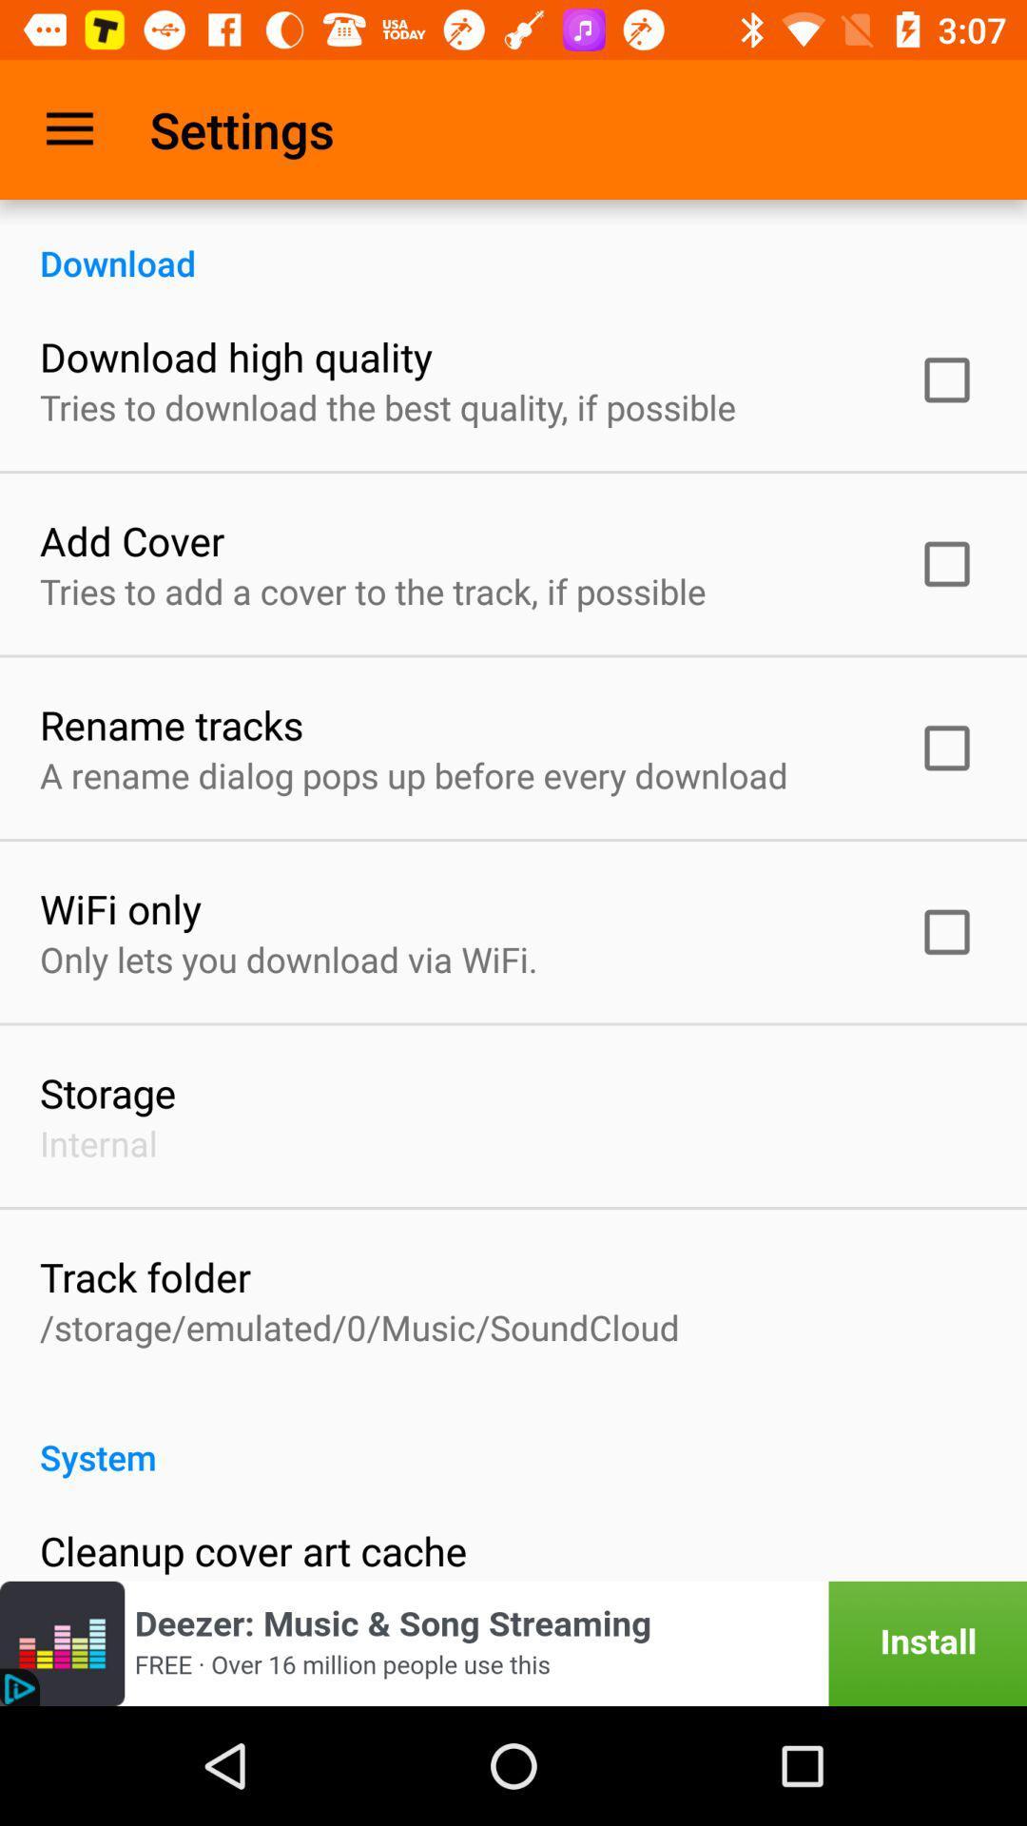 The height and width of the screenshot is (1826, 1027). What do you see at coordinates (98, 1142) in the screenshot?
I see `the item below storage` at bounding box center [98, 1142].